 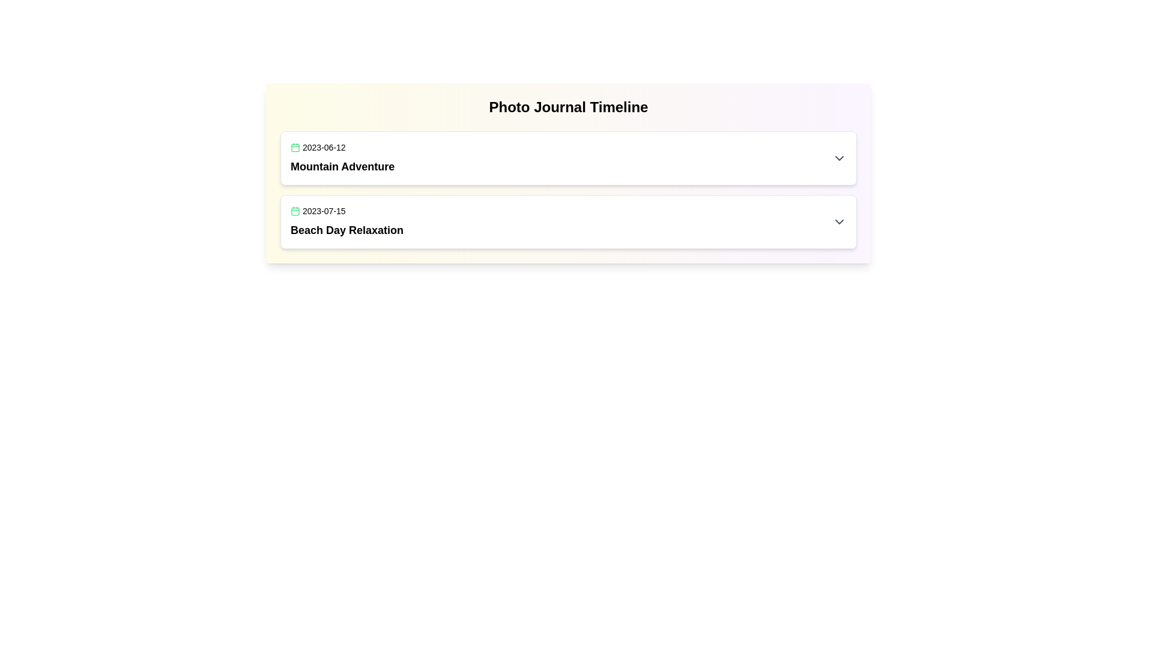 I want to click on the Text label for the journal entry titled 'Beach Day Relaxation', located below the date '2023-07-15' and next to the calendar icon in the timeline interface, so click(x=347, y=230).